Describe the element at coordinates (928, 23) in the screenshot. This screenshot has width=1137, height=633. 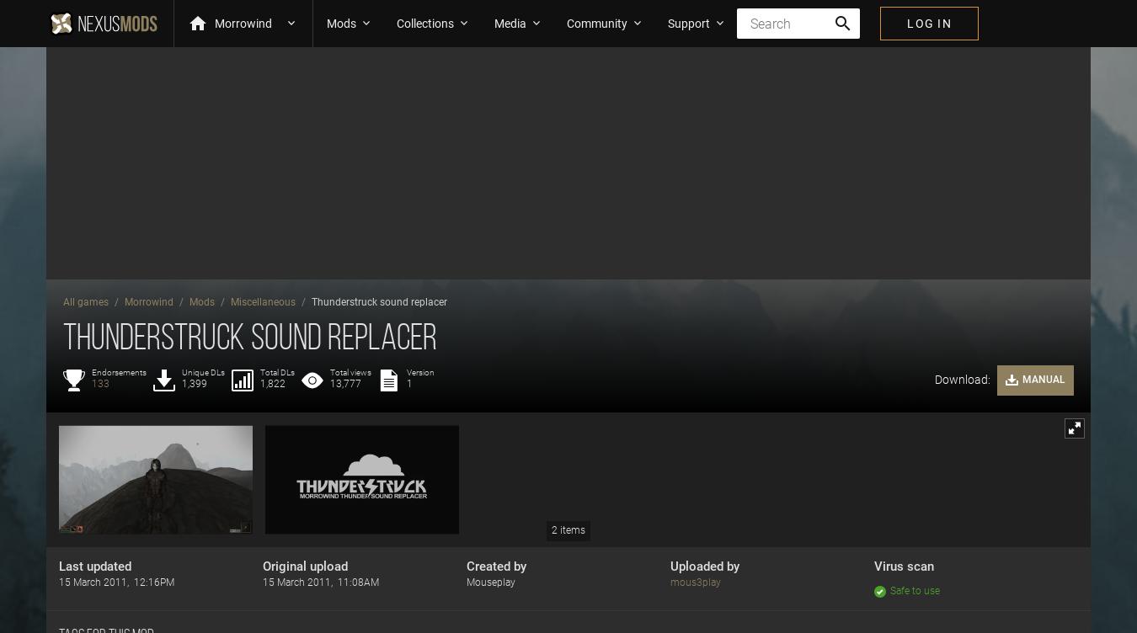
I see `'Log in'` at that location.